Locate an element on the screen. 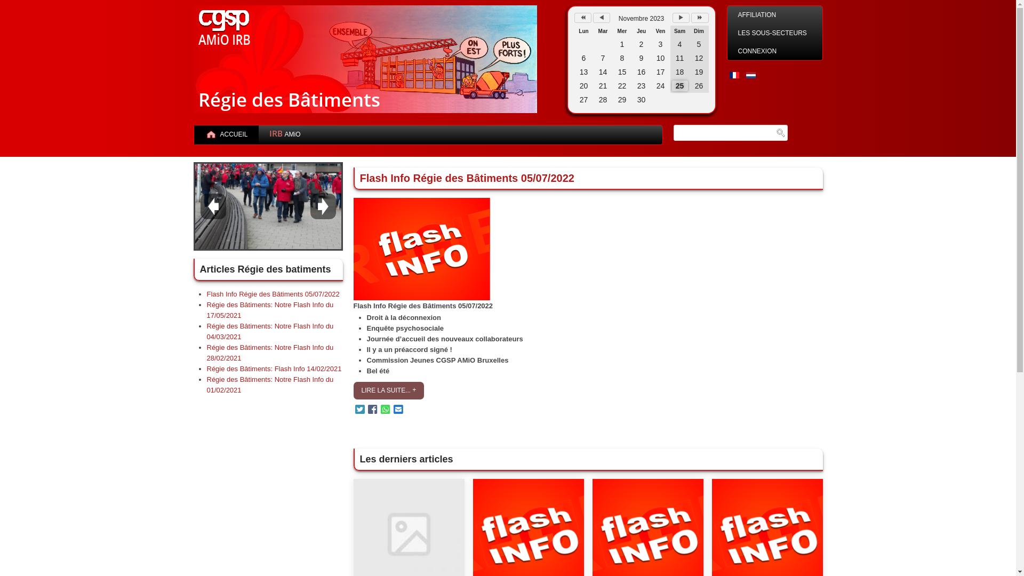  'CONNEXION' is located at coordinates (775, 51).